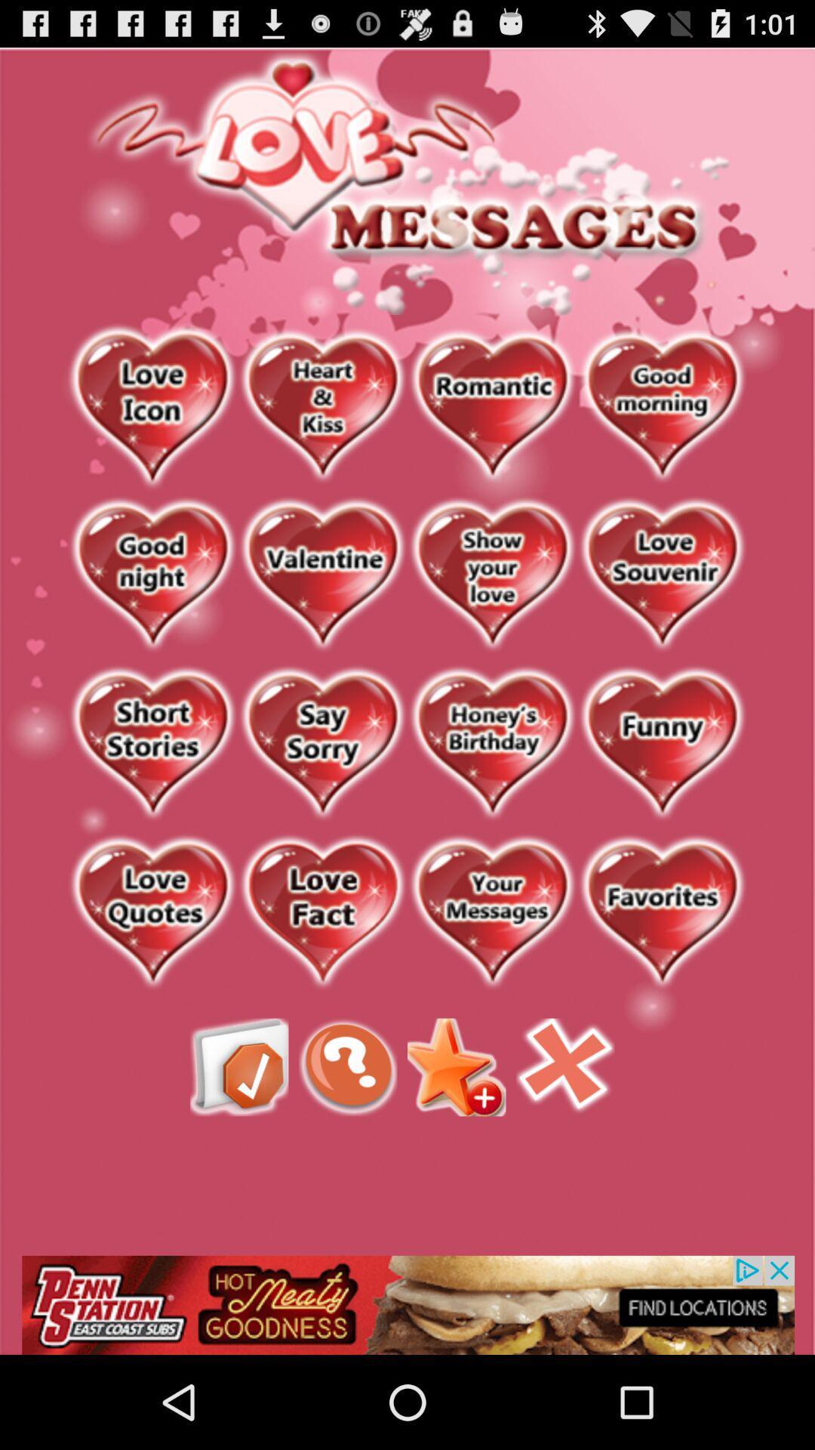  Describe the element at coordinates (152, 575) in the screenshot. I see `open good night page` at that location.